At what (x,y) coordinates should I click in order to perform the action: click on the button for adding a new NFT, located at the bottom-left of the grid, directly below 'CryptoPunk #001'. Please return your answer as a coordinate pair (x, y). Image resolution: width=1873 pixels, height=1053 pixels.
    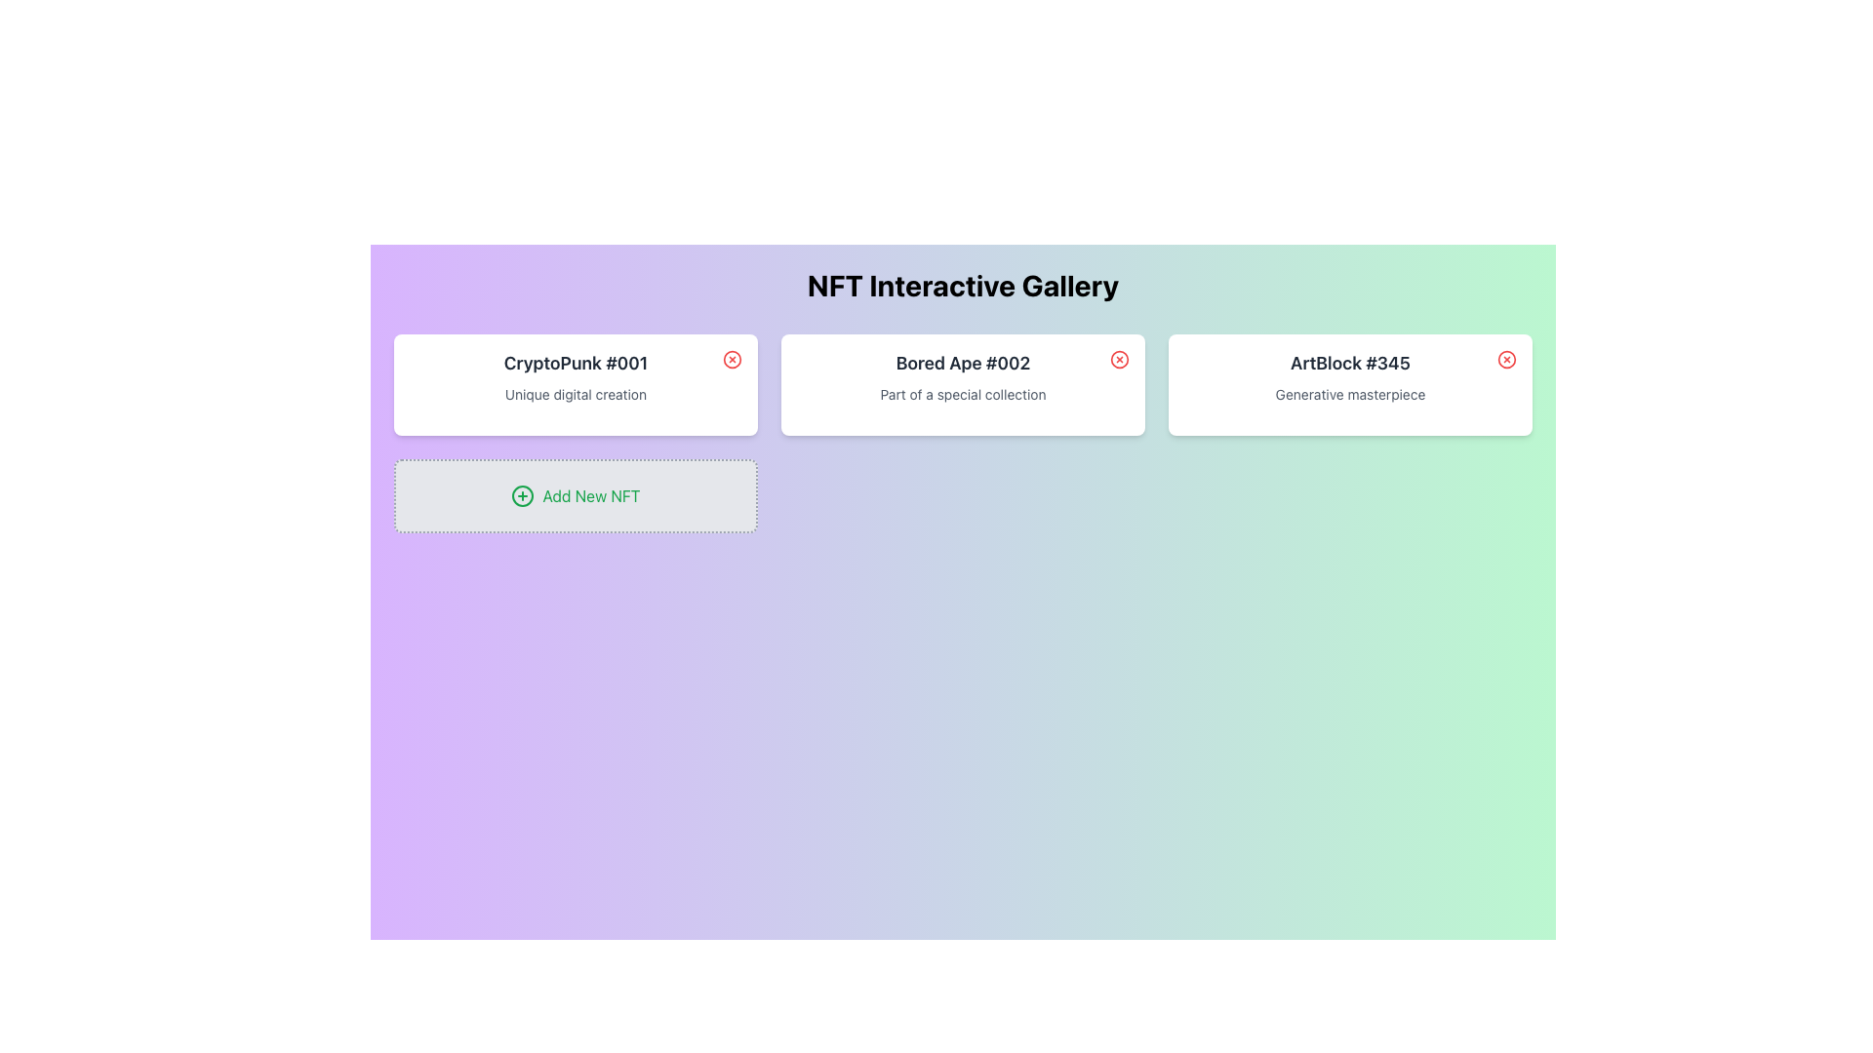
    Looking at the image, I should click on (575, 495).